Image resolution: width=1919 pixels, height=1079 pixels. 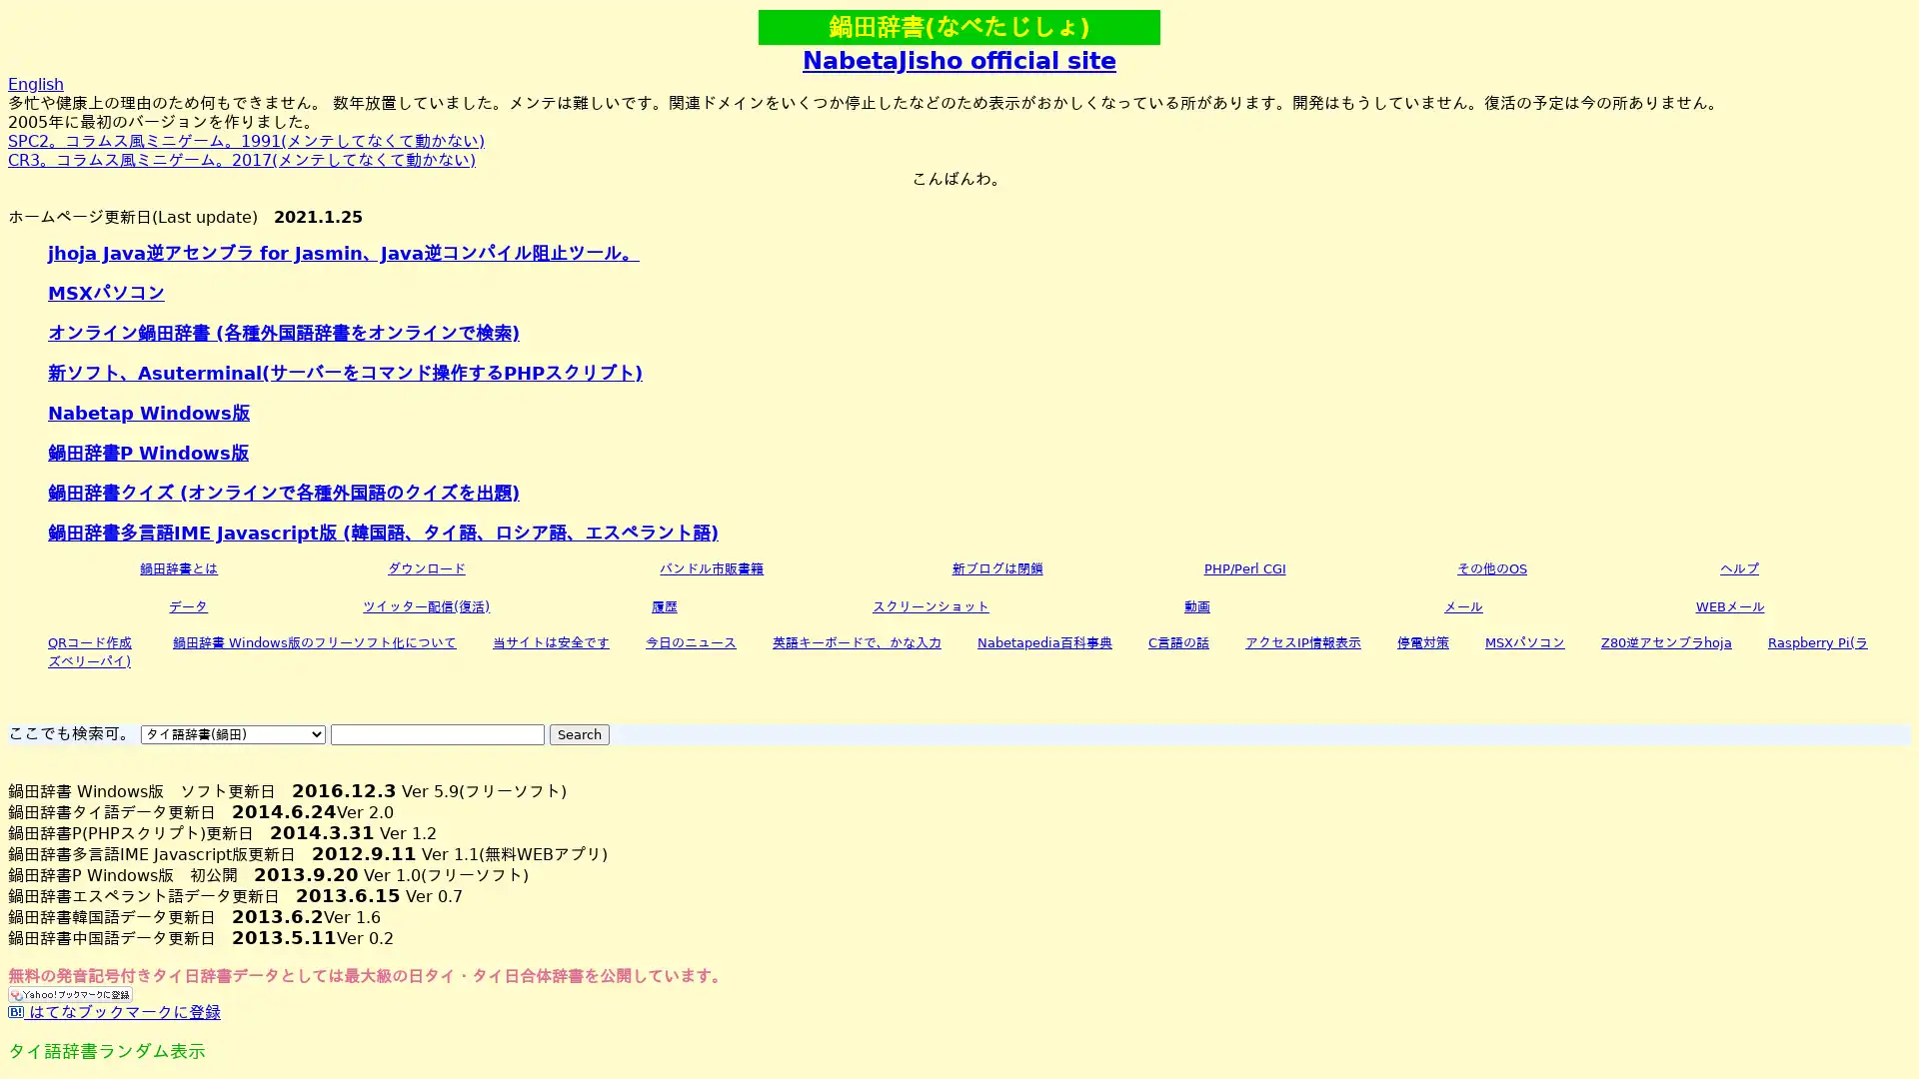 I want to click on Search, so click(x=579, y=734).